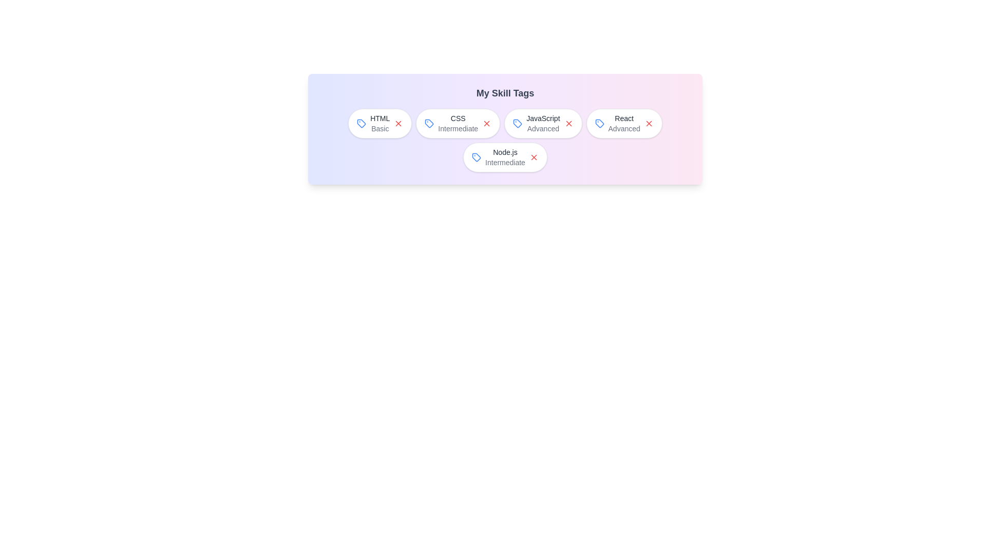  Describe the element at coordinates (505, 157) in the screenshot. I see `the skill label Node.js to select it` at that location.